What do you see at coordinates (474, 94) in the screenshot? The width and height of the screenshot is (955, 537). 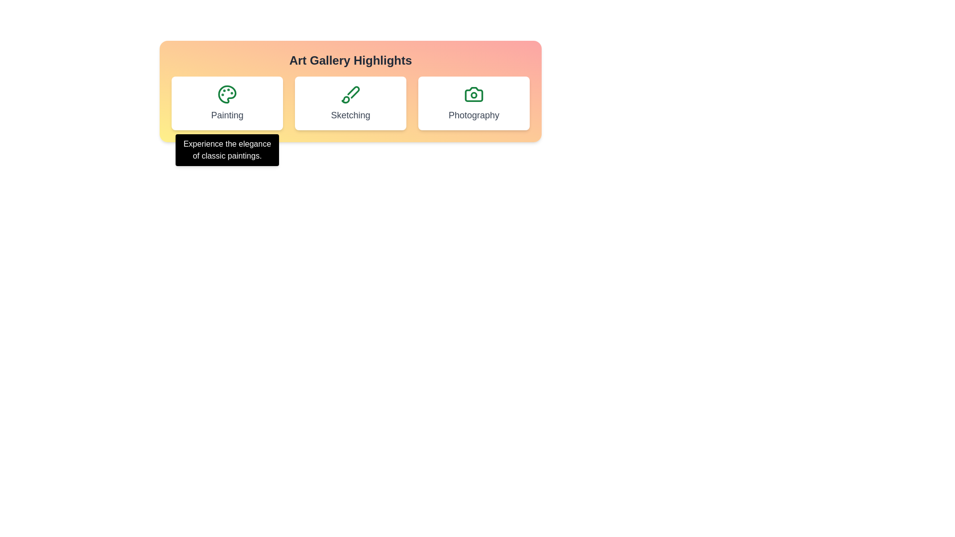 I see `the camera icon in the Photography tile of the Art Gallery Highlights section` at bounding box center [474, 94].